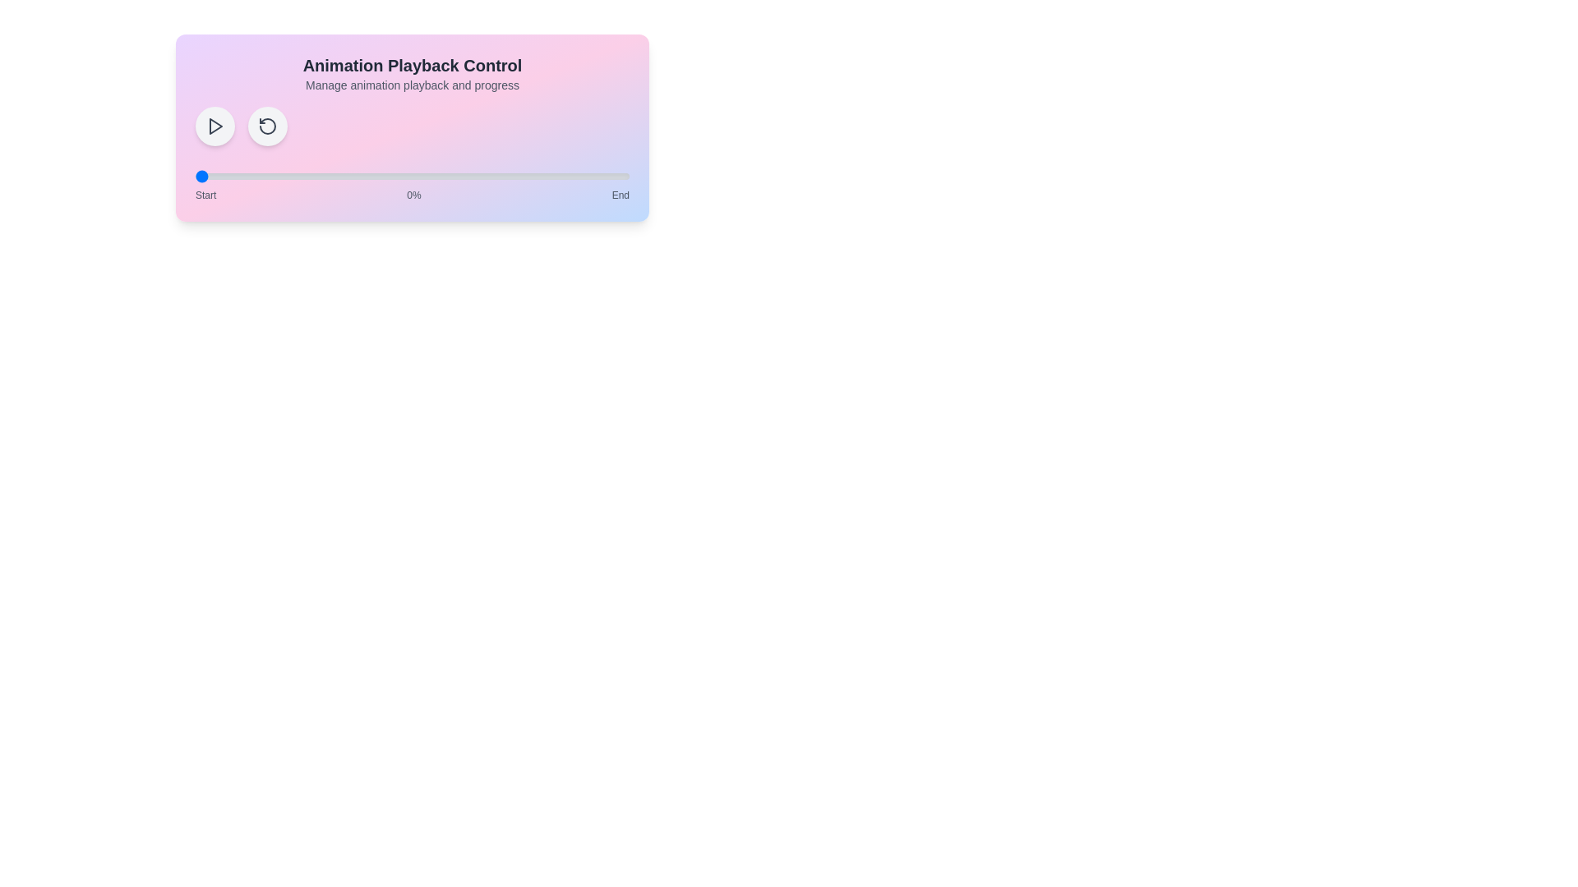 The height and width of the screenshot is (887, 1578). I want to click on the animation progress to 9% by interacting with the range slider, so click(233, 177).